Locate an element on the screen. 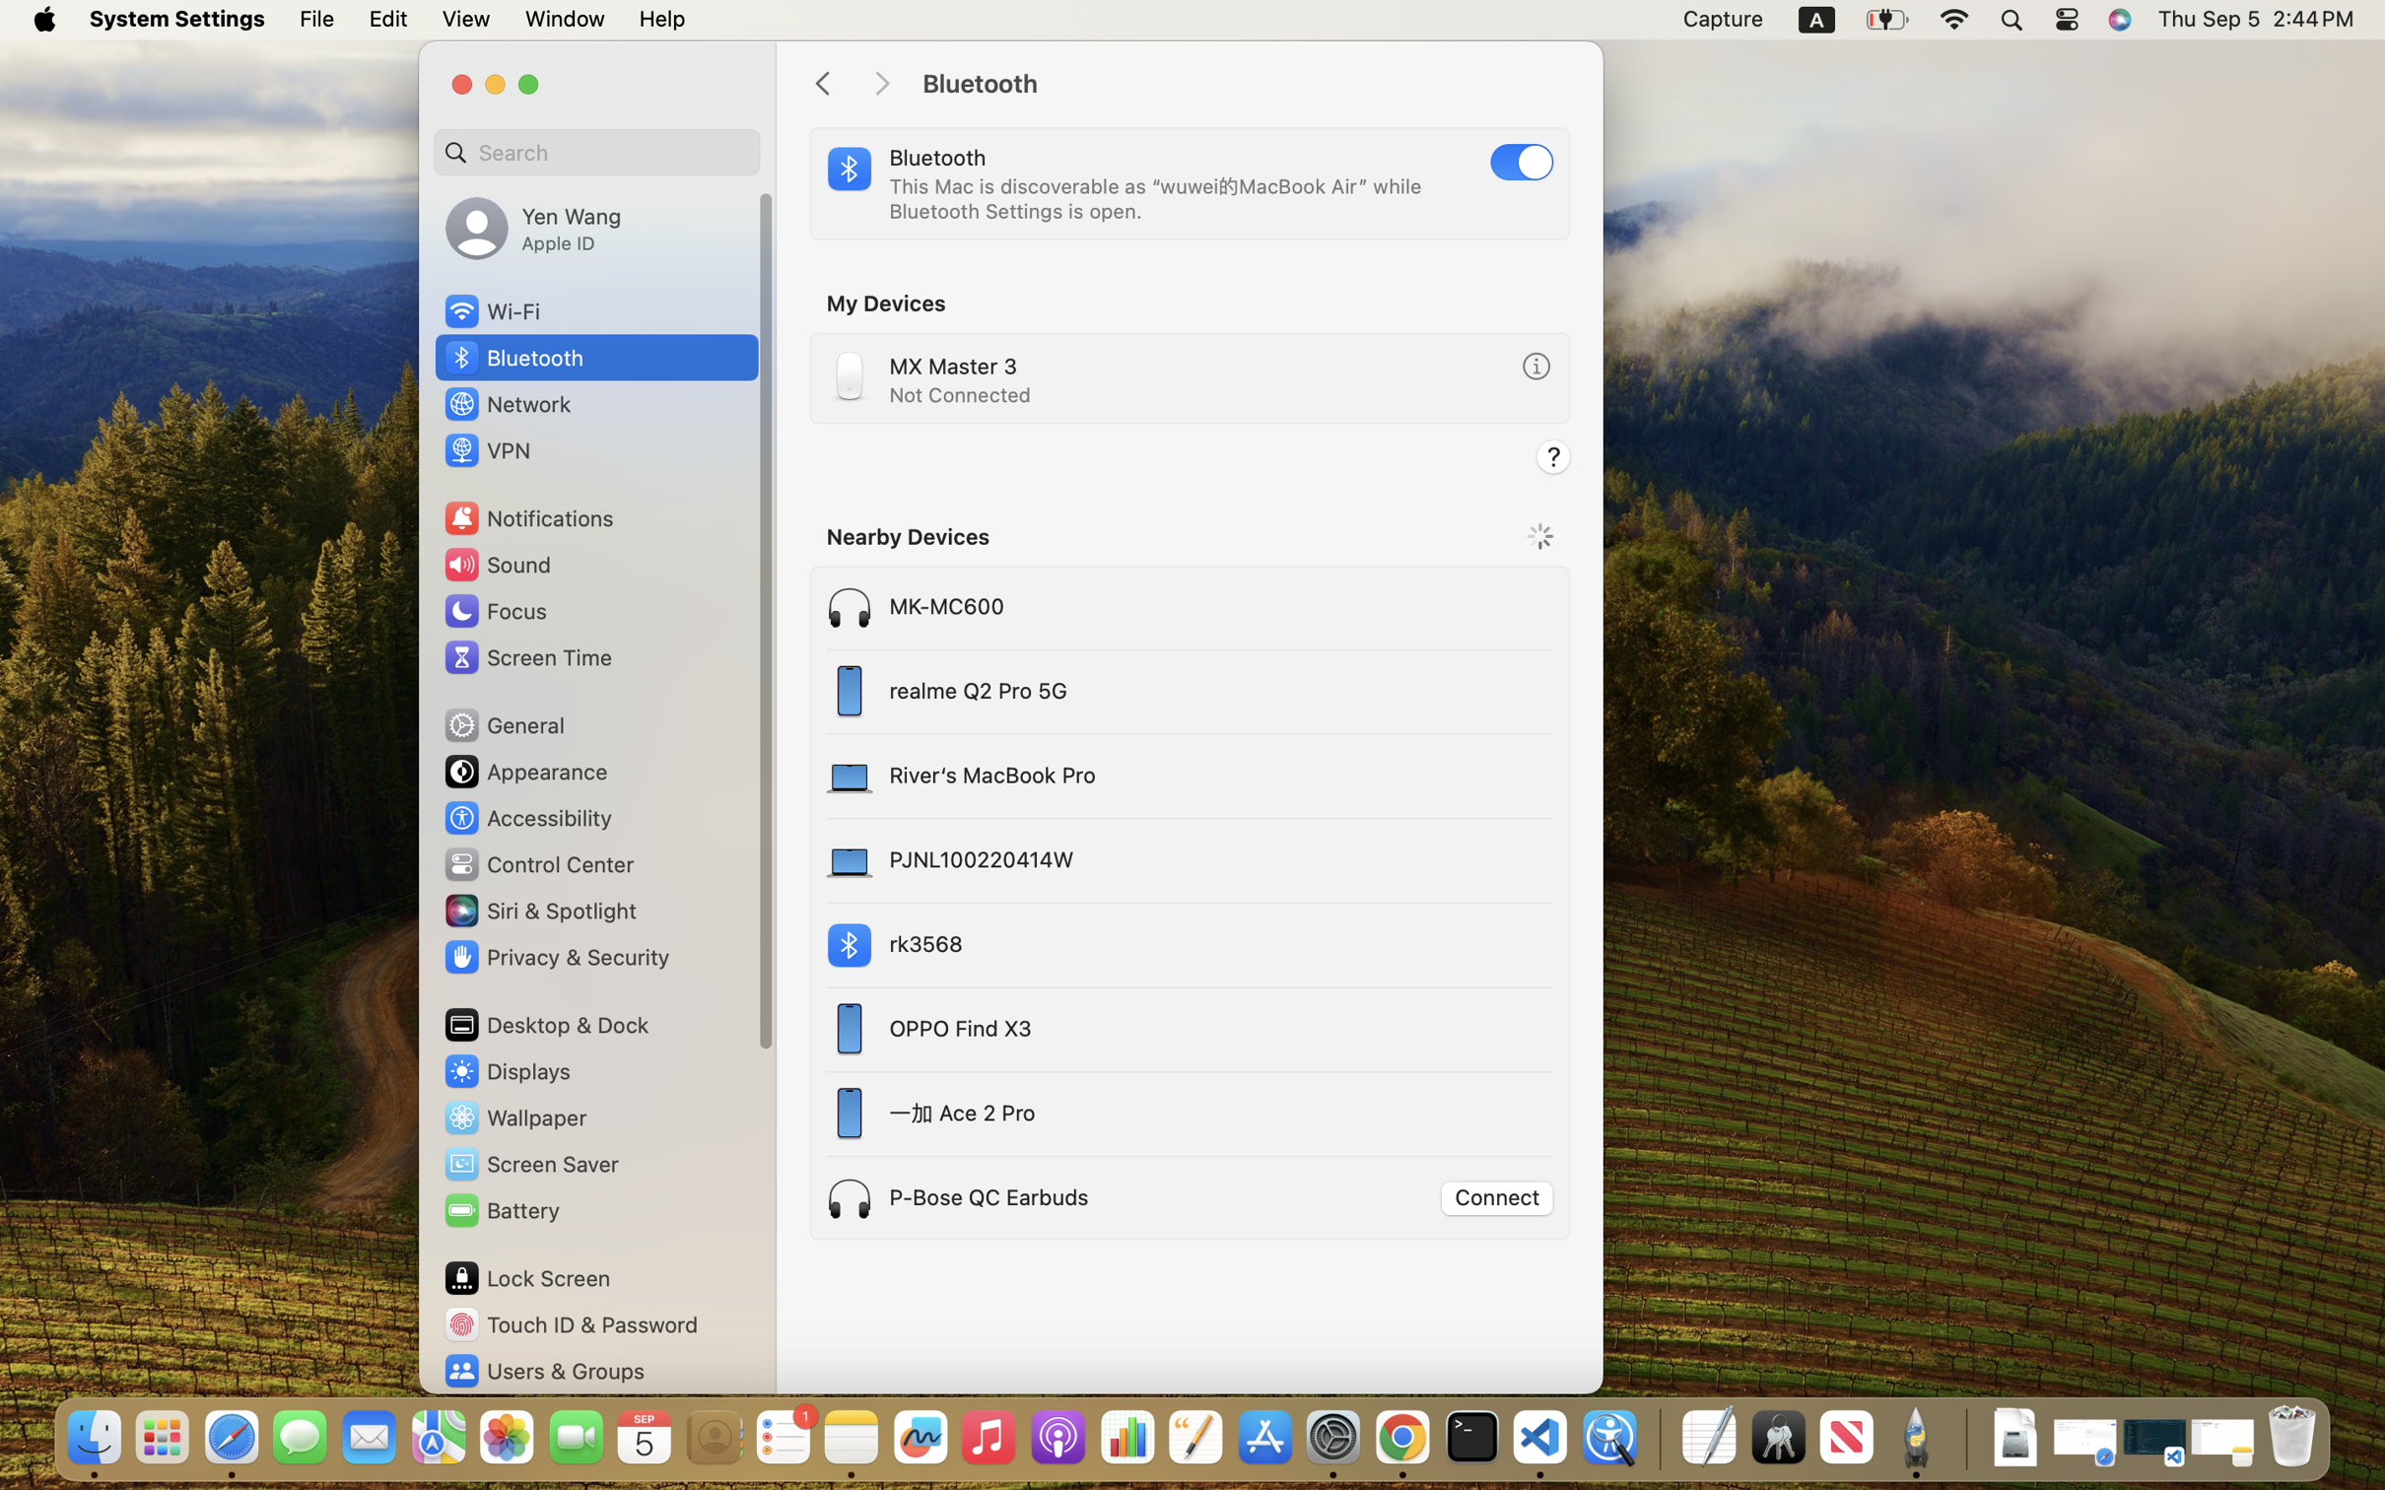  'Users & Groups' is located at coordinates (542, 1371).